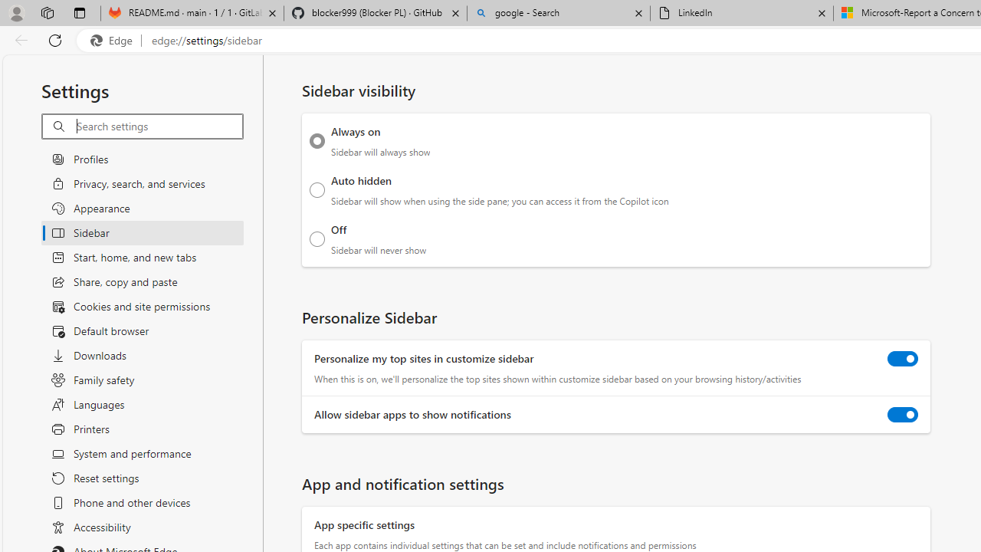 The image size is (981, 552). I want to click on 'Search settings', so click(159, 126).